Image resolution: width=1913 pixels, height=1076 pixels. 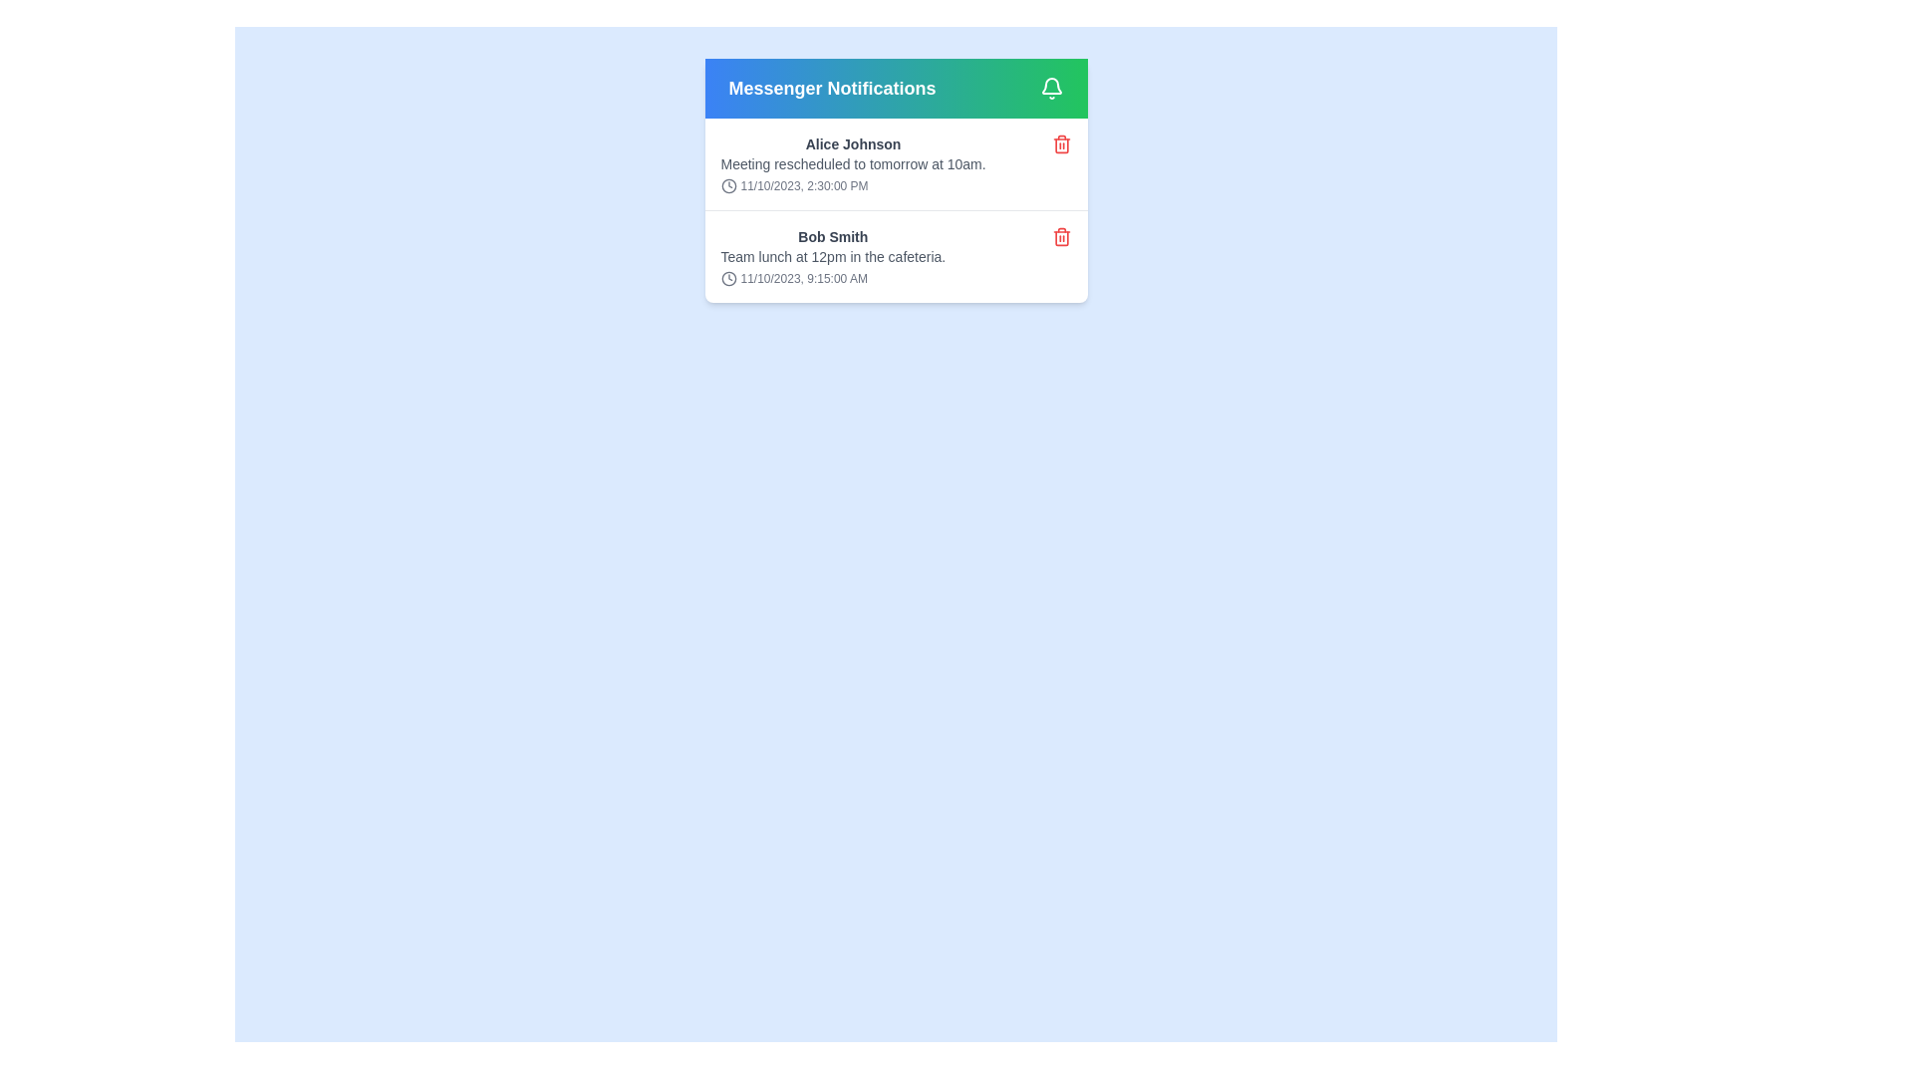 What do you see at coordinates (1060, 236) in the screenshot?
I see `the delete button for the notification referencing 'Bob Smith'` at bounding box center [1060, 236].